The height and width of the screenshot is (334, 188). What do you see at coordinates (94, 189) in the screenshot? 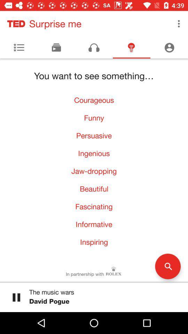
I see `the item above the fascinating icon` at bounding box center [94, 189].